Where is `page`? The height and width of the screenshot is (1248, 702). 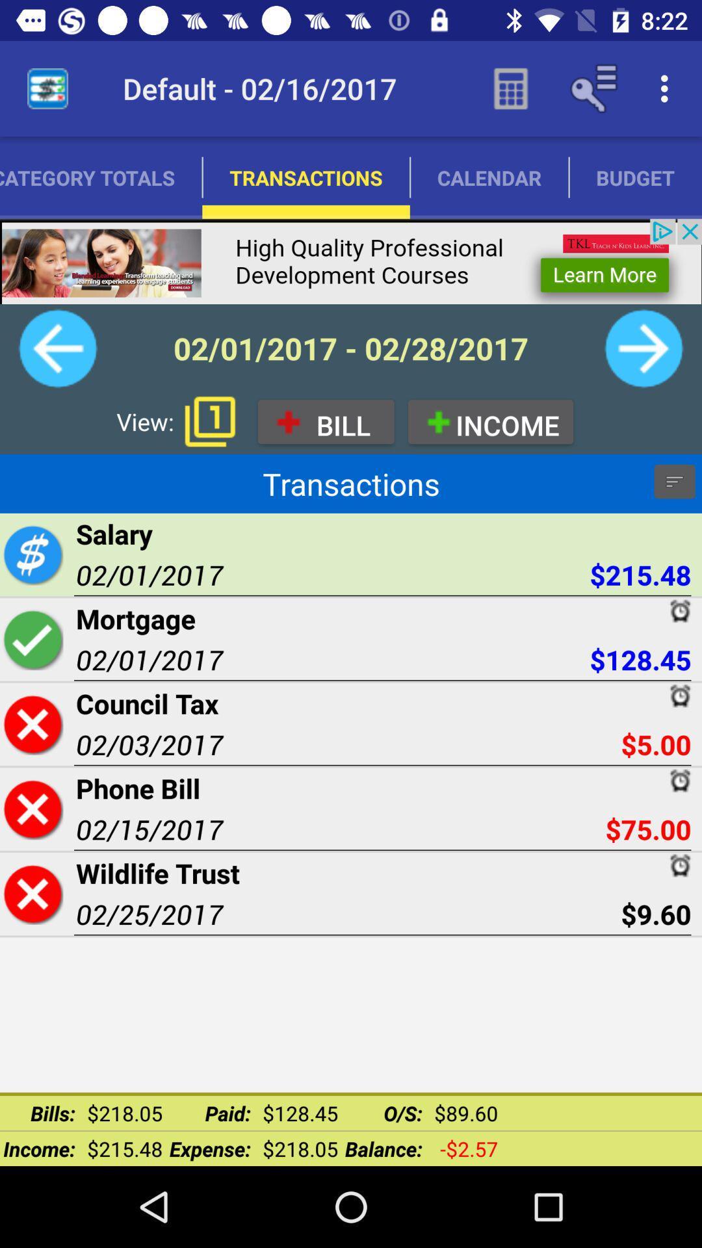
page is located at coordinates (32, 808).